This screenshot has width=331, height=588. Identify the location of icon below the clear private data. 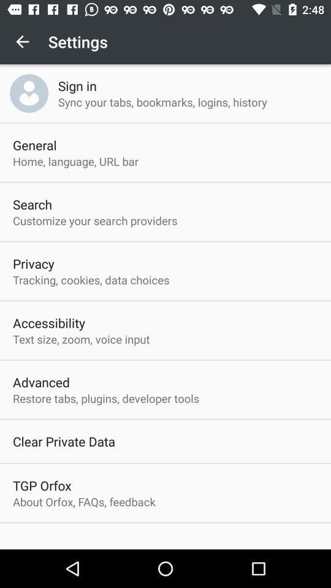
(41, 485).